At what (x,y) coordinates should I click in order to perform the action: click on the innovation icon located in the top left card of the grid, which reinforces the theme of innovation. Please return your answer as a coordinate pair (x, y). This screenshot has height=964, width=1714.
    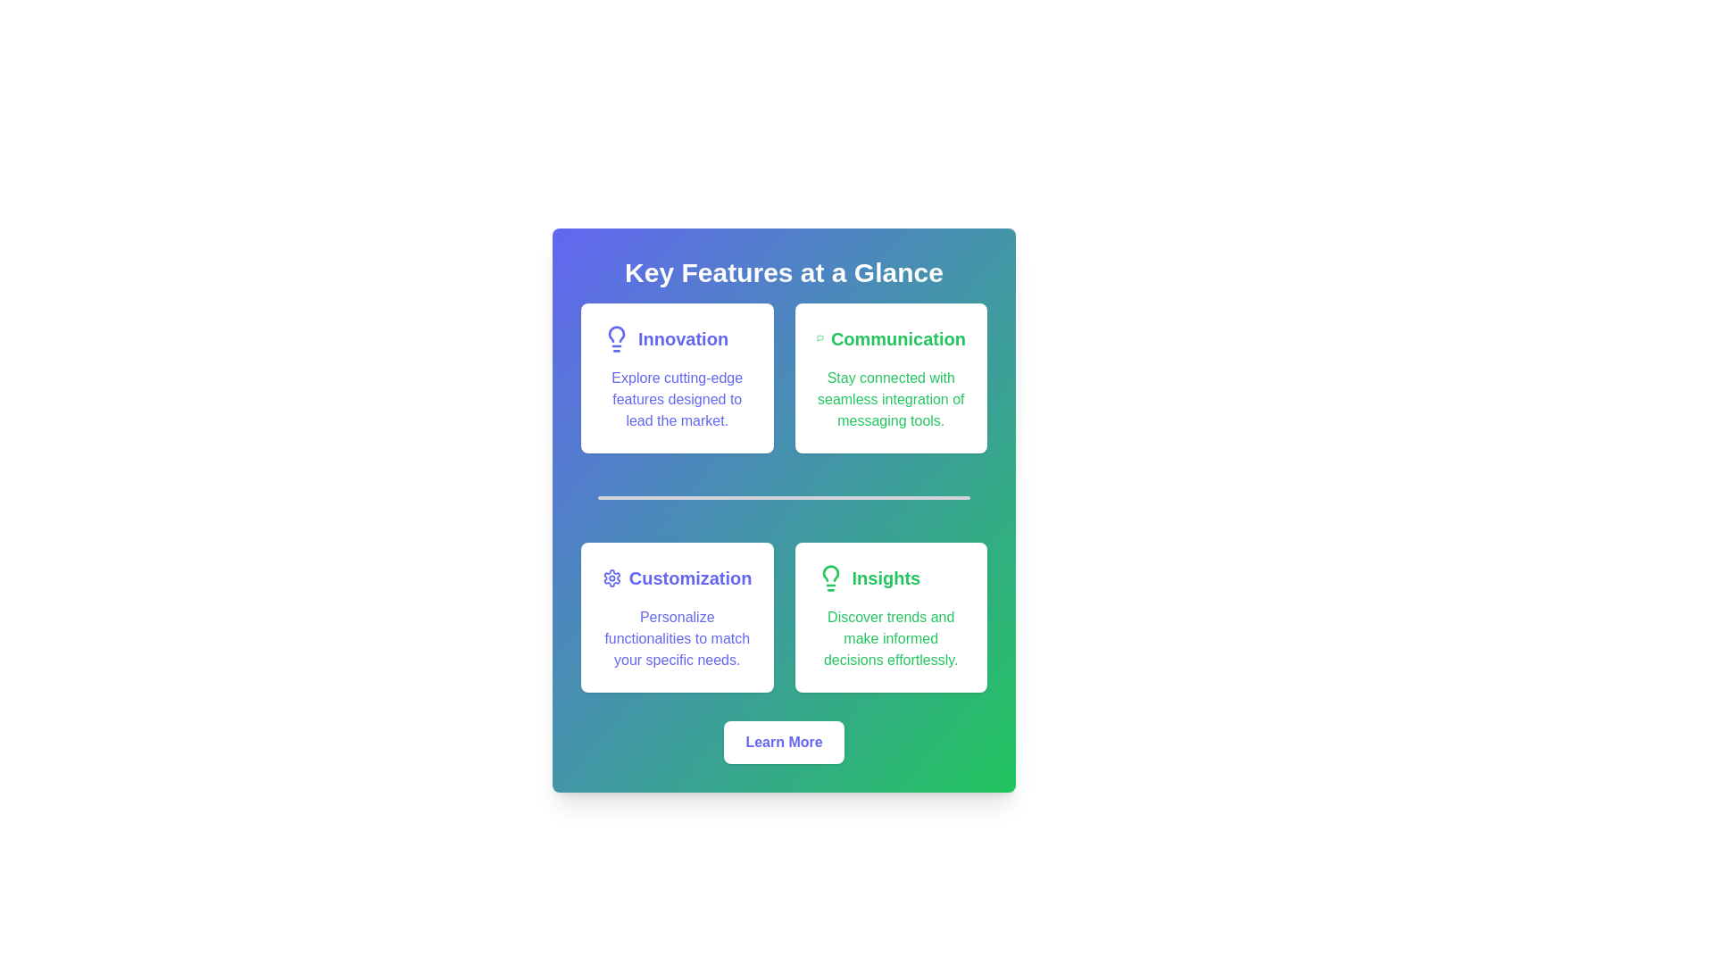
    Looking at the image, I should click on (617, 339).